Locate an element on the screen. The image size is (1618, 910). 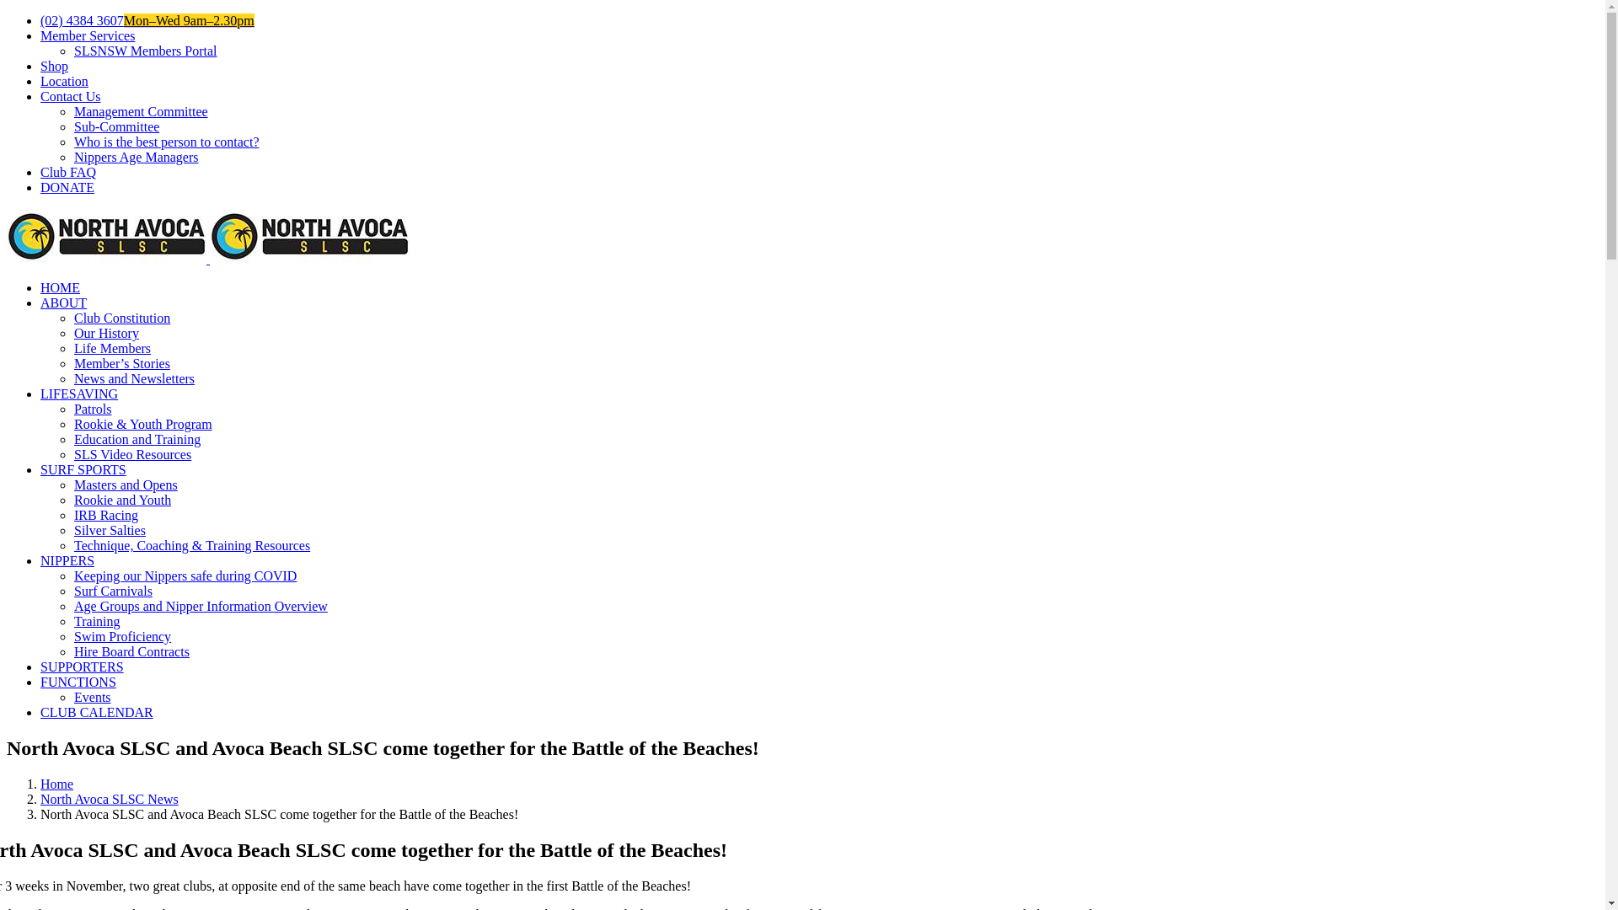
'Age Groups and Nipper Information Overview' is located at coordinates (201, 605).